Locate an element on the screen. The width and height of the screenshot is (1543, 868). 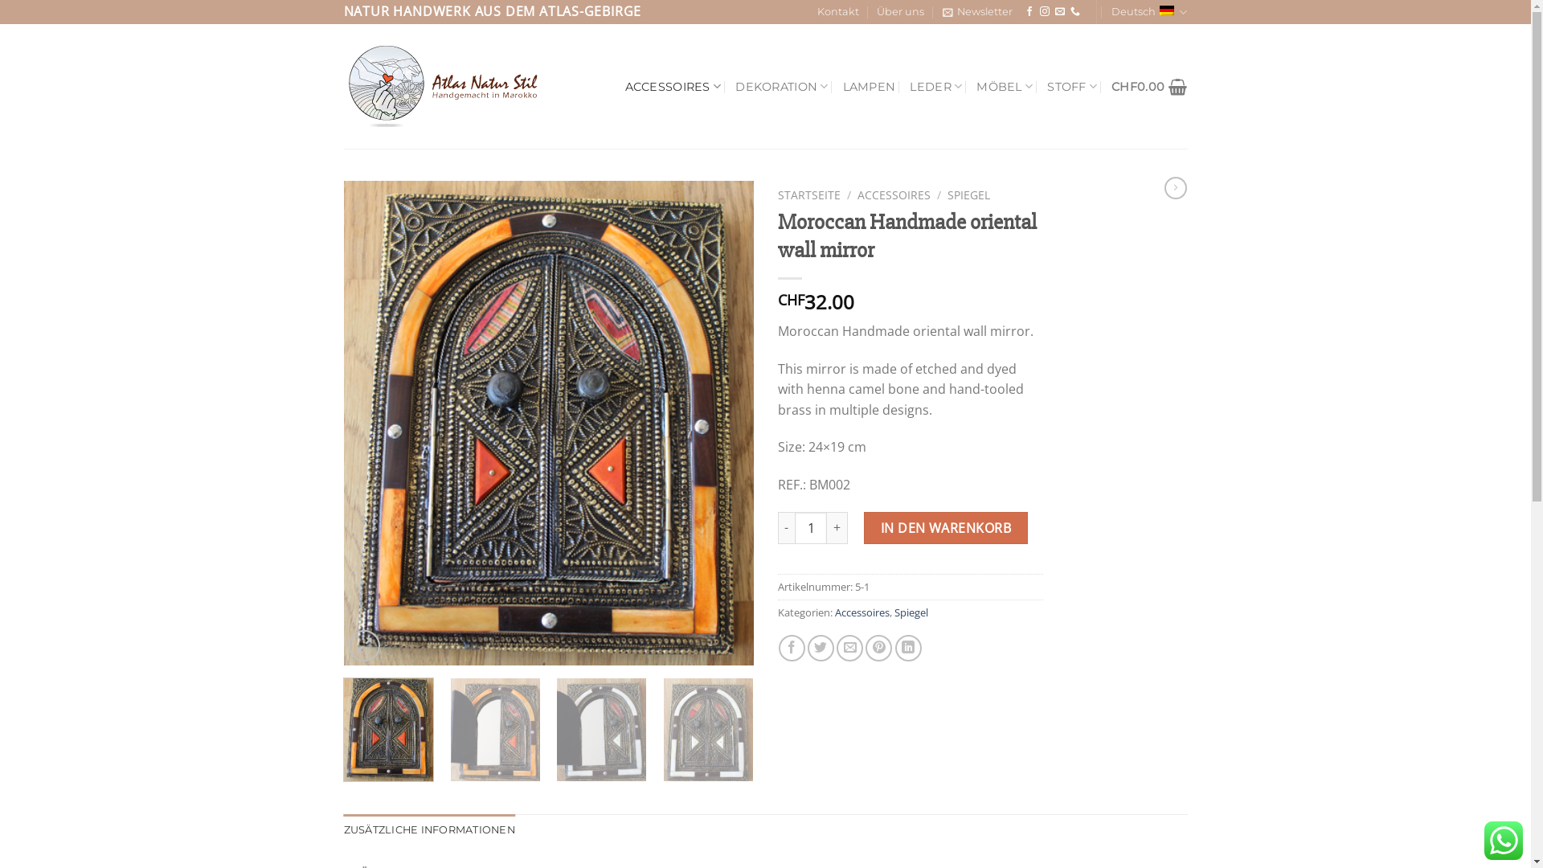
'LEDER' is located at coordinates (910, 86).